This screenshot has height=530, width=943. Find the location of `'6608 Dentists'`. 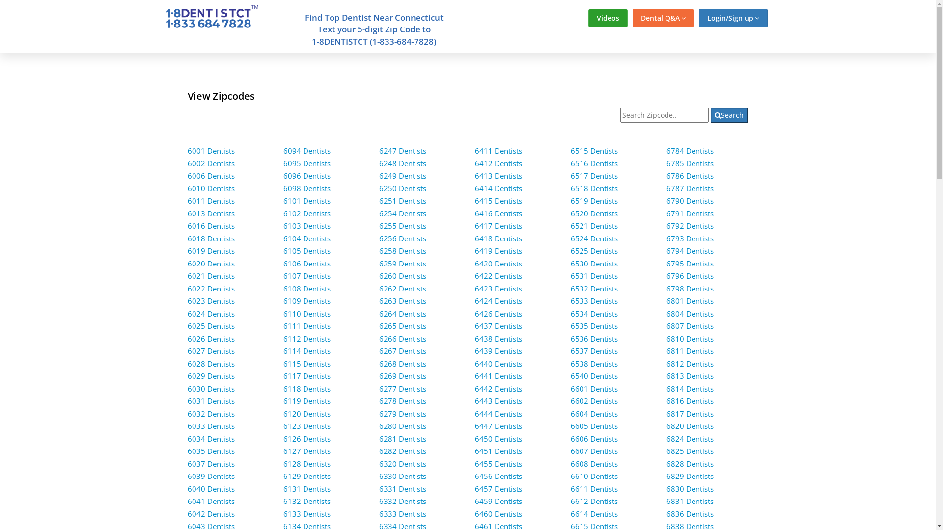

'6608 Dentists' is located at coordinates (593, 464).